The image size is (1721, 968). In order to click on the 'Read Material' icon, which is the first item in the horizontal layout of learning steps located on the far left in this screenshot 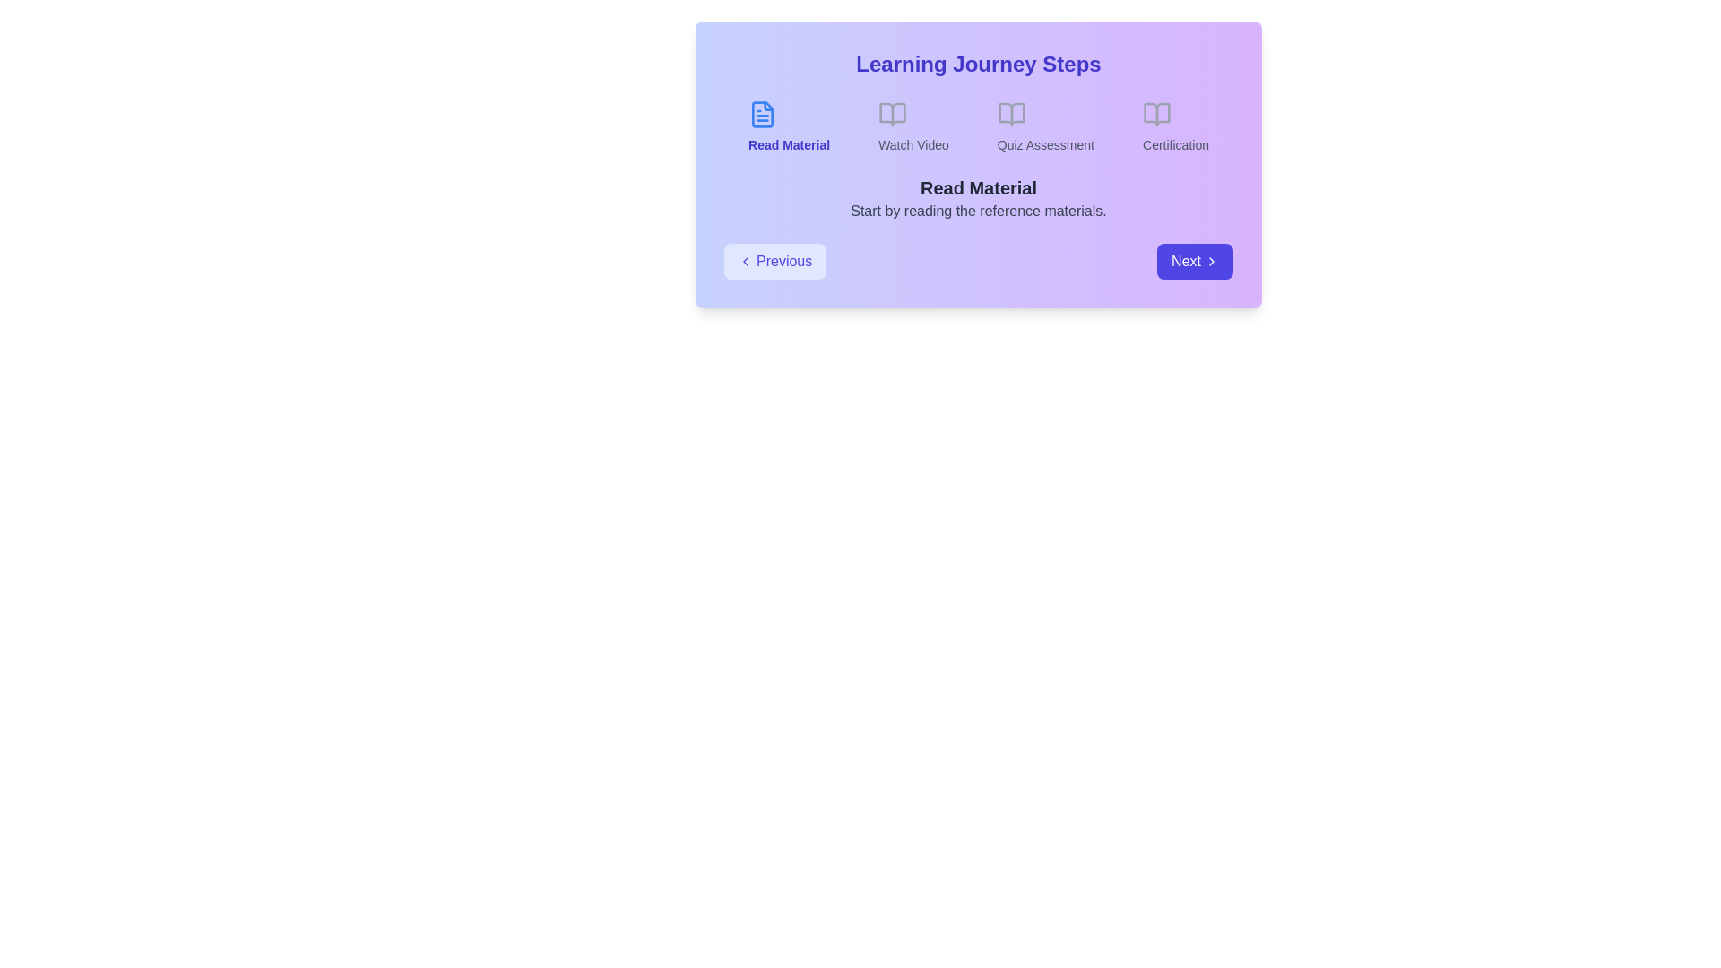, I will do `click(762, 114)`.